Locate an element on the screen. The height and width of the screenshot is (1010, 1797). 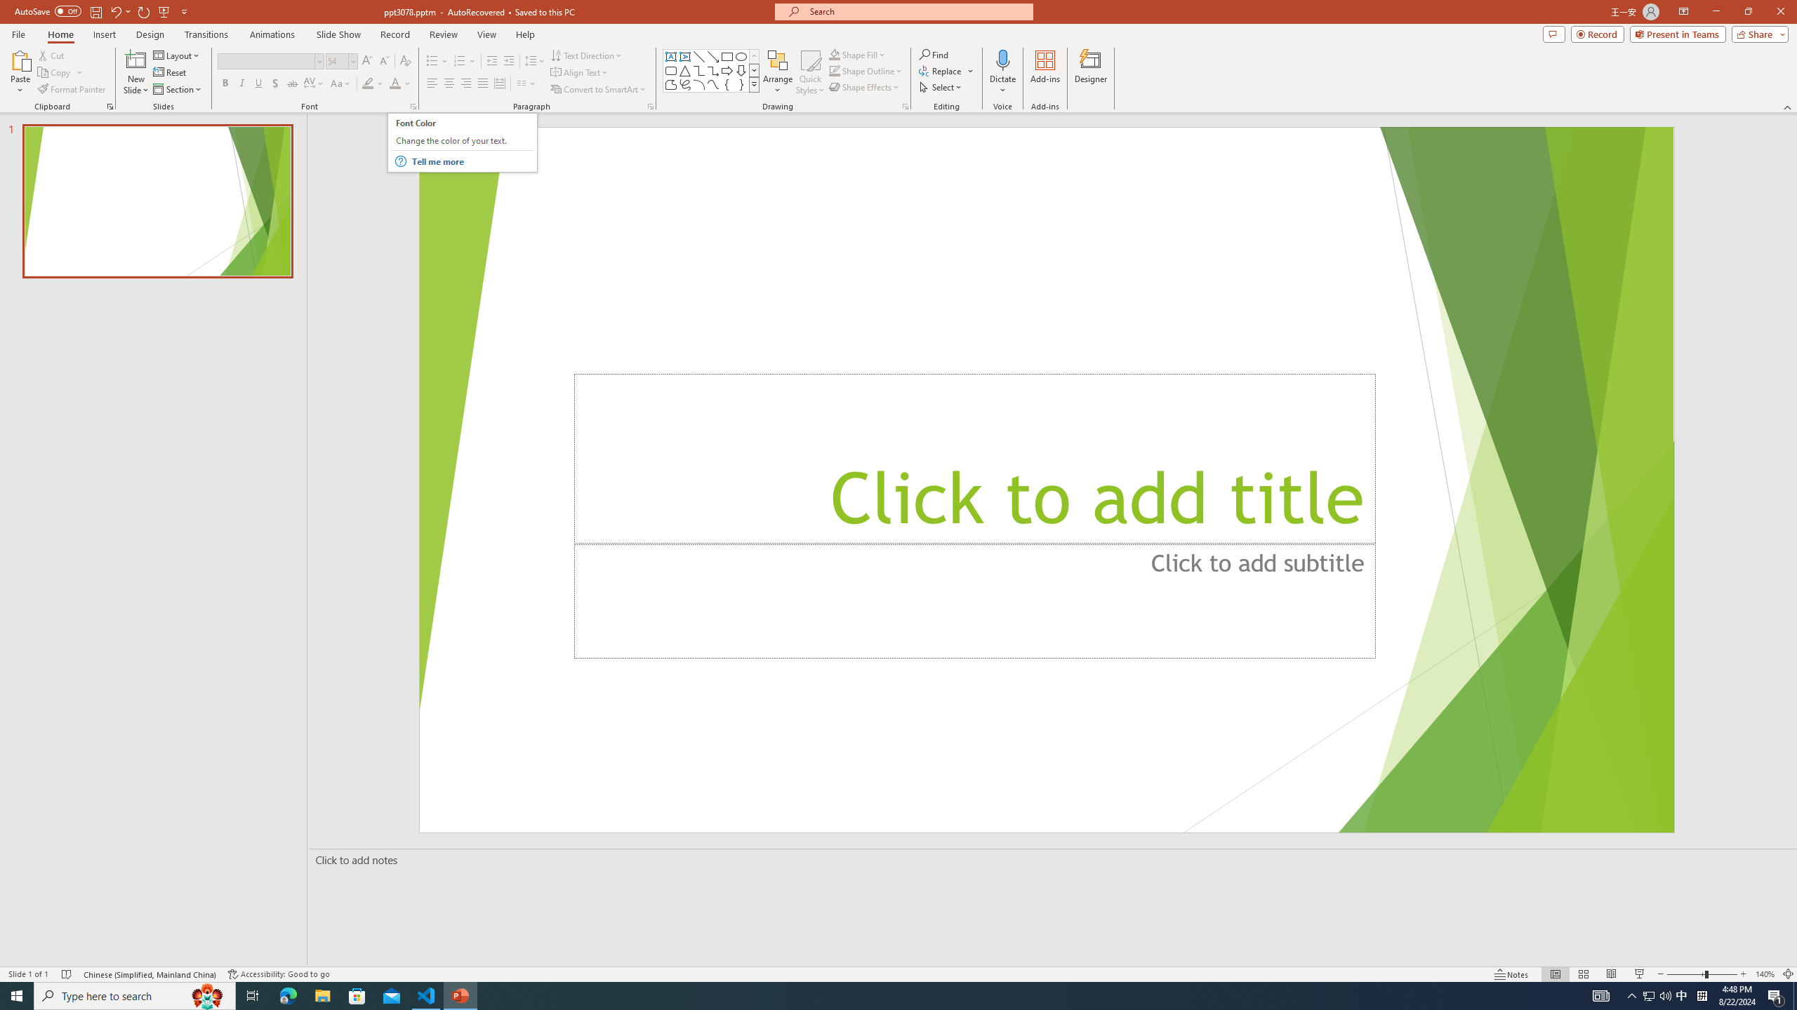
'Shape Effects' is located at coordinates (864, 86).